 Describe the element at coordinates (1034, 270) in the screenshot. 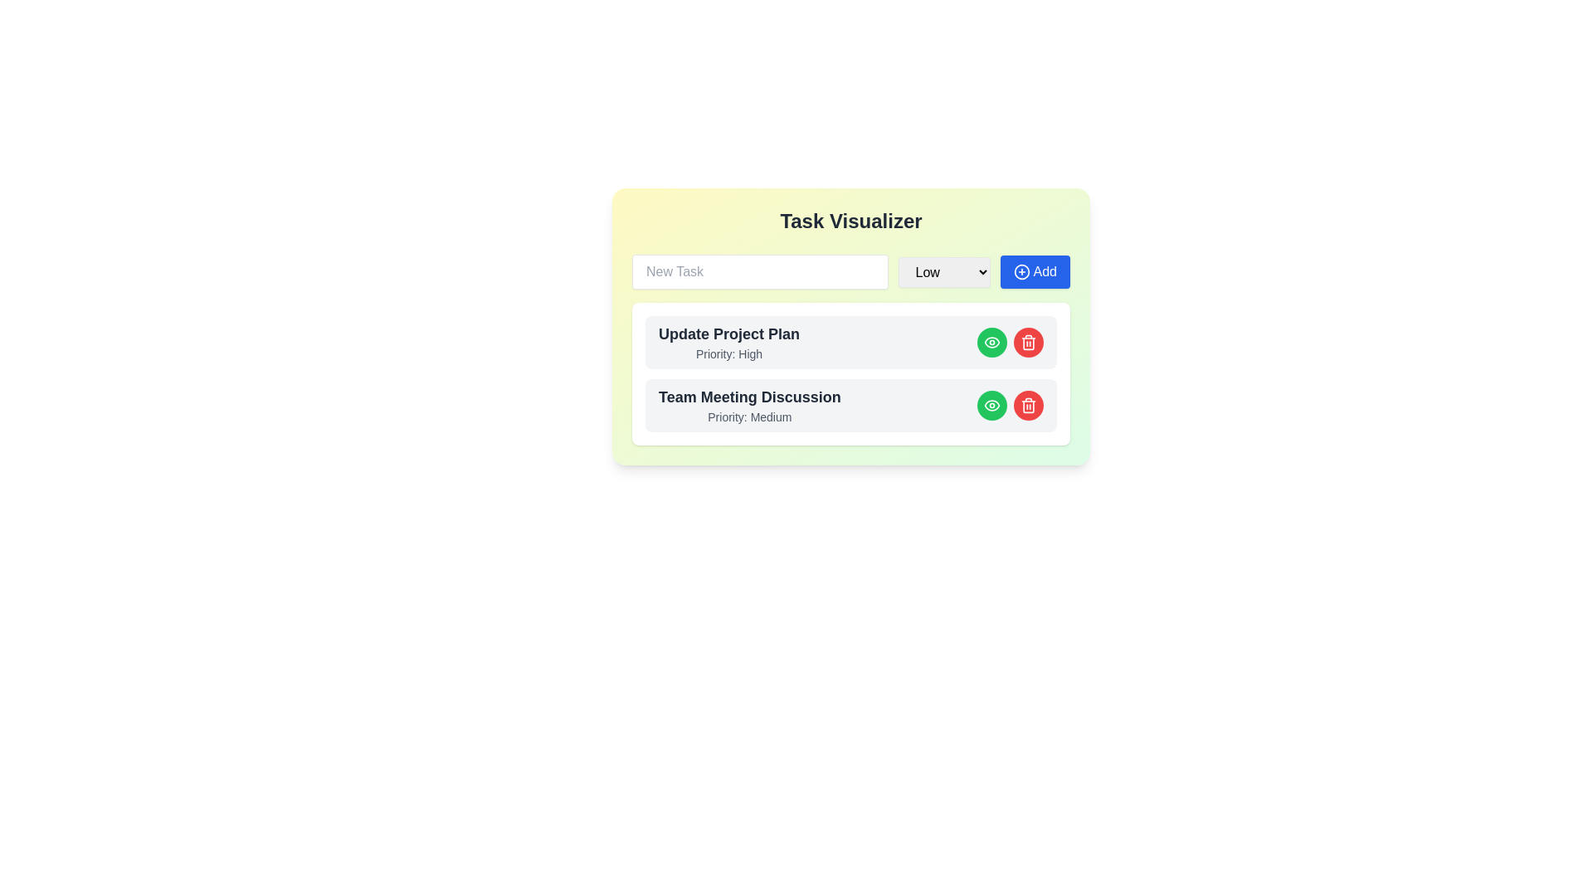

I see `the 'Add' button with a blue background and rounded corners, located to the right of the priority level dropdown` at that location.